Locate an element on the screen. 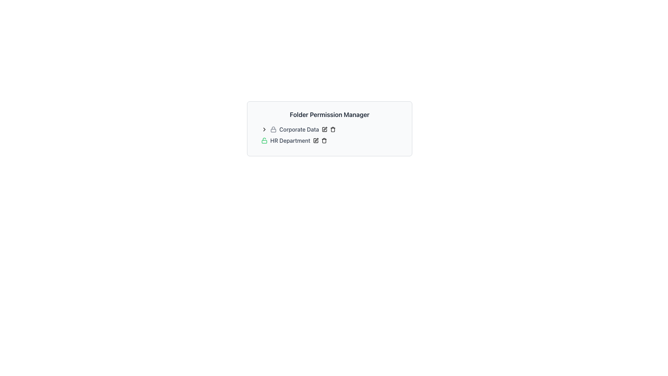 This screenshot has height=376, width=668. the pencil icon in the 'HR Department' row is located at coordinates (319, 141).